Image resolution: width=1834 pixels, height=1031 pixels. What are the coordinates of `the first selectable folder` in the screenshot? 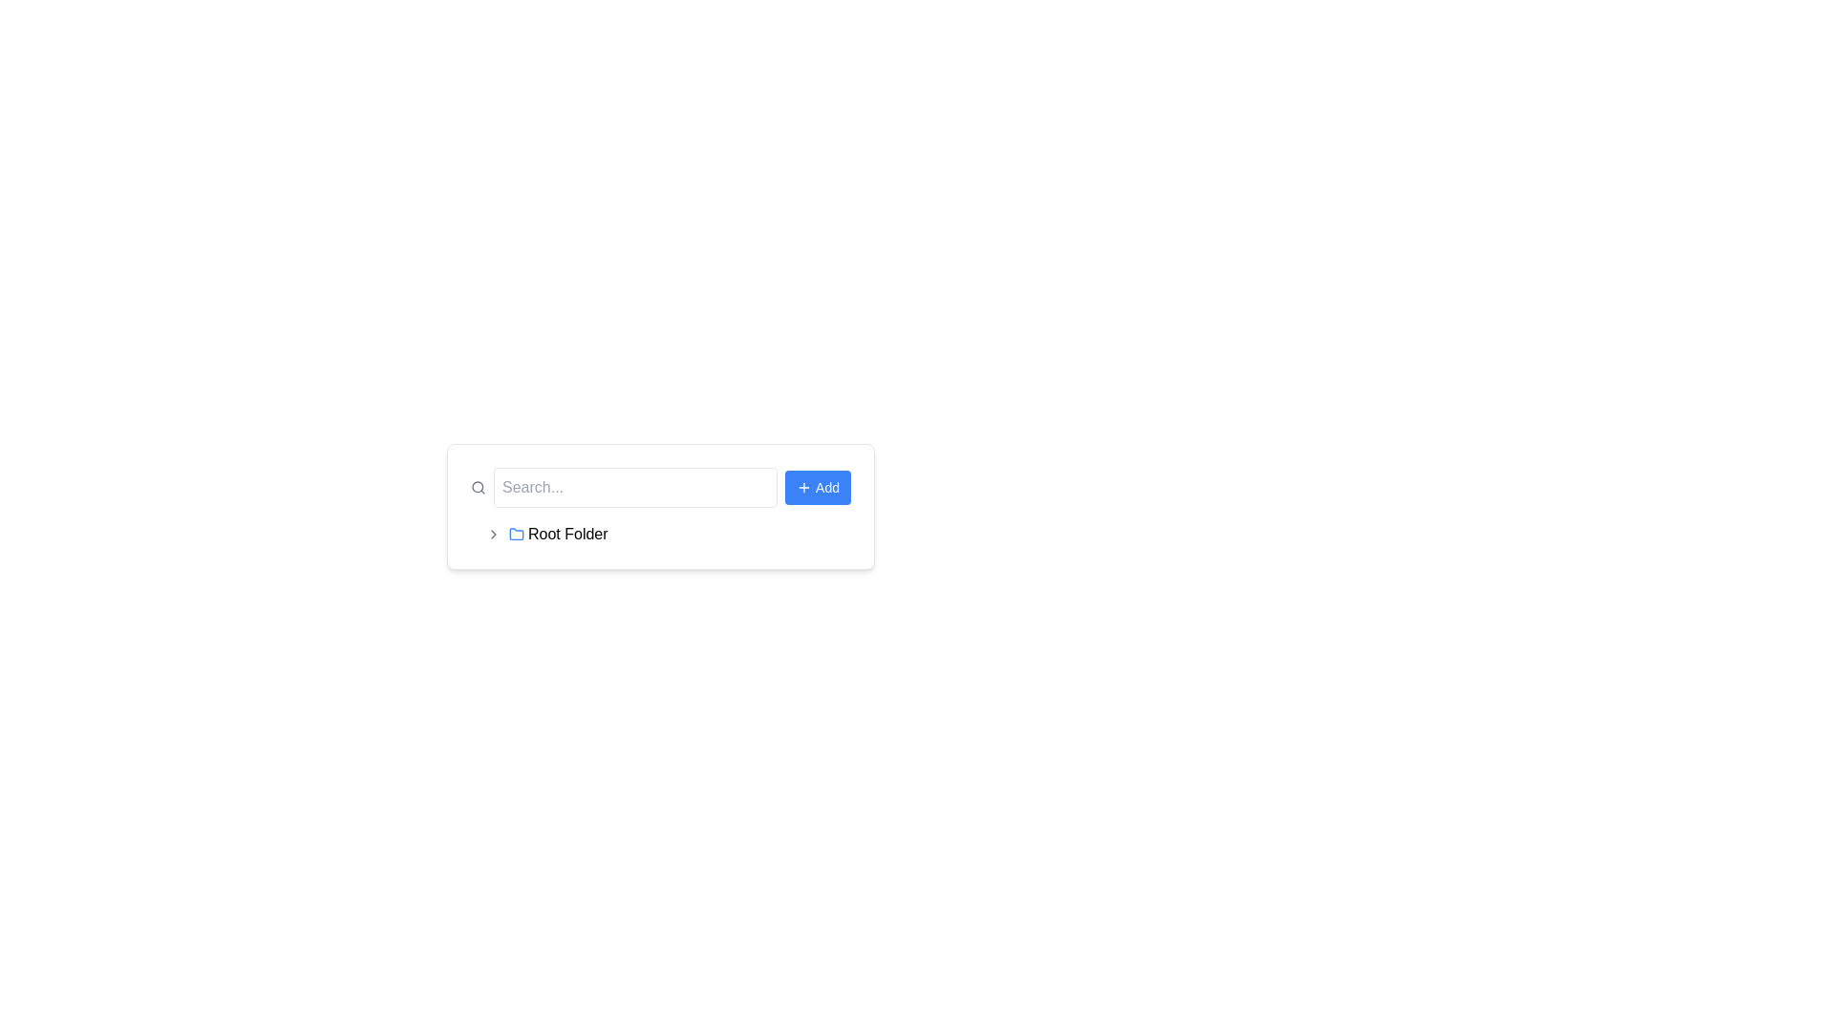 It's located at (660, 534).